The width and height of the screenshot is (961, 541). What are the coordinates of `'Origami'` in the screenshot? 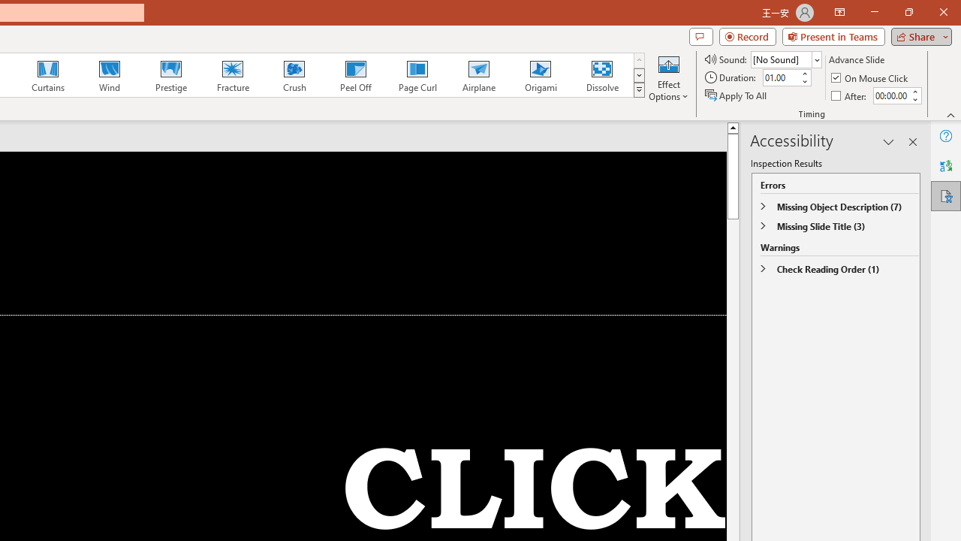 It's located at (541, 75).